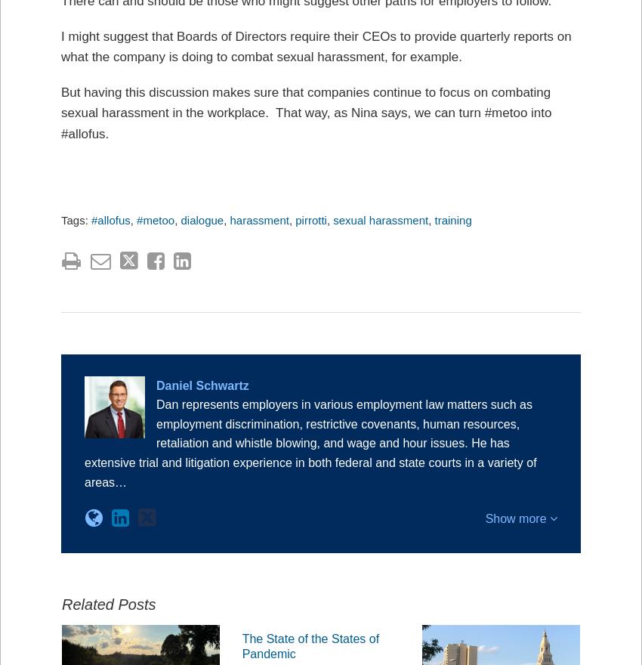  I want to click on 'Dan represents employers in various employment law matters such as employment discrimination, restrictive covenants, human resources, retaliation and whistle blowing, and wage and hour issues. He has extensive trial and litigation experience in both federal and state courts in a variety of areas…', so click(310, 443).